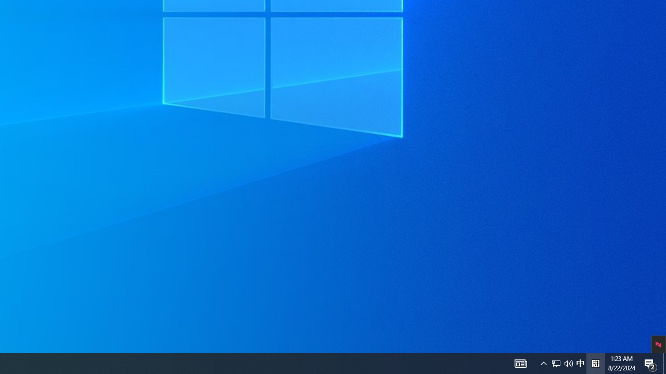 This screenshot has height=374, width=666. I want to click on 'Action Center, 2 new notifications', so click(664, 363).